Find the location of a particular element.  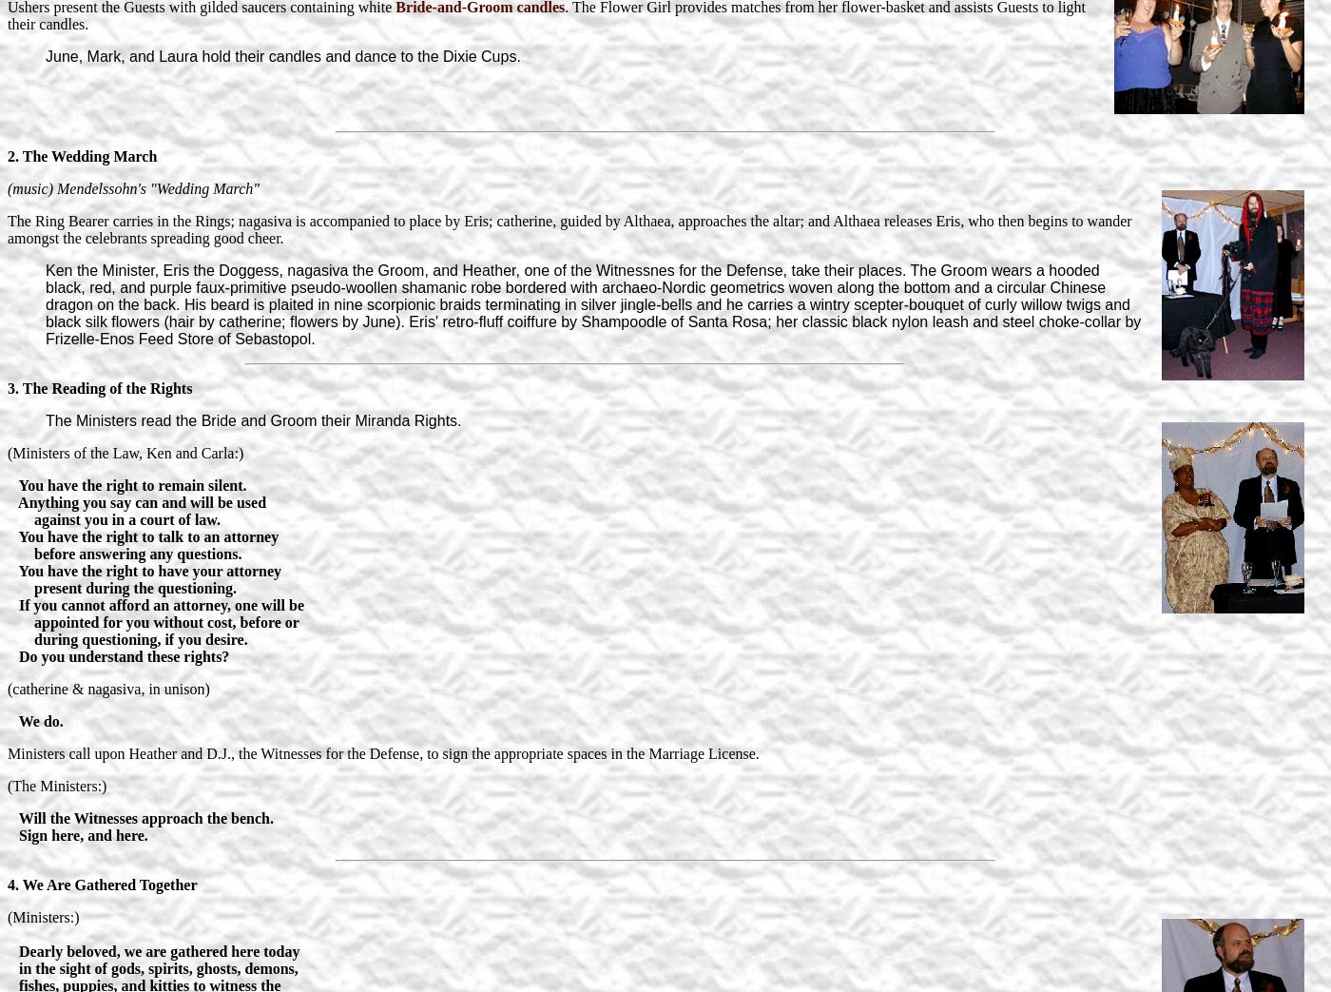

'3.	The Reading of the Rights' is located at coordinates (100, 387).